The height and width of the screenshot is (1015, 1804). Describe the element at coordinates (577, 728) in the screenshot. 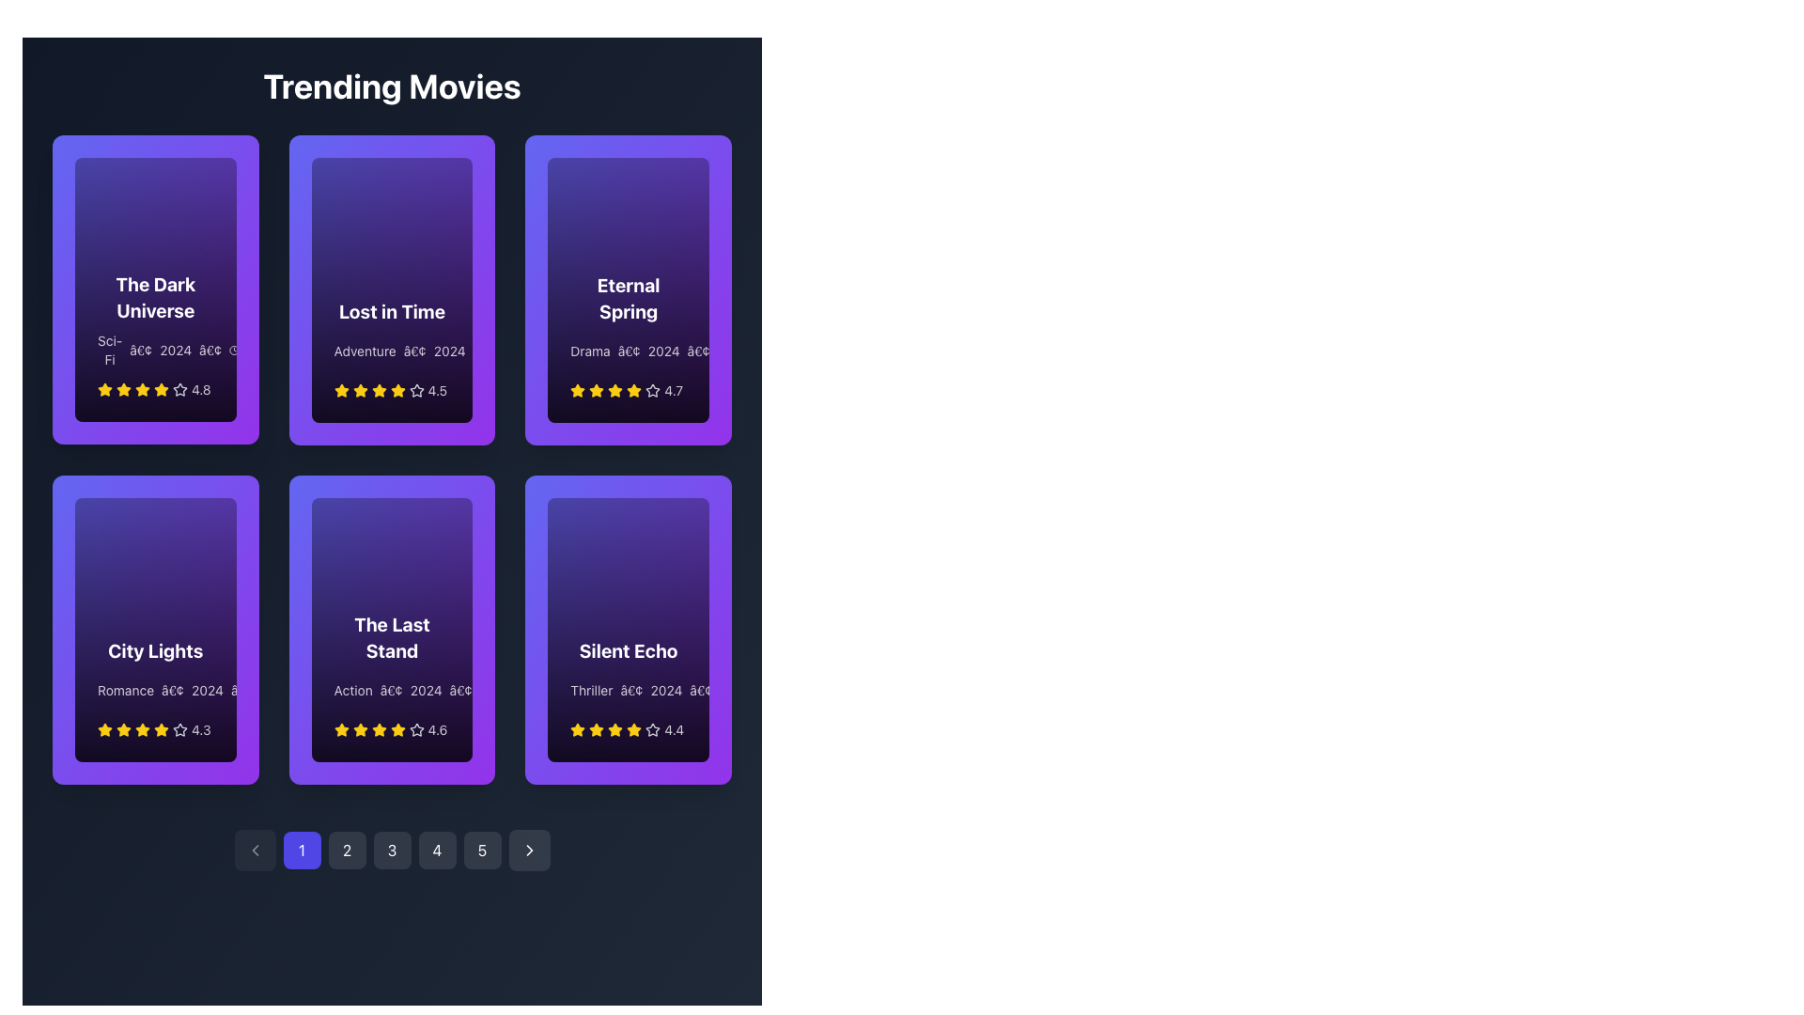

I see `the first star icon in the rating system for the movie 'Silent Echo' to interact and provide a rating` at that location.